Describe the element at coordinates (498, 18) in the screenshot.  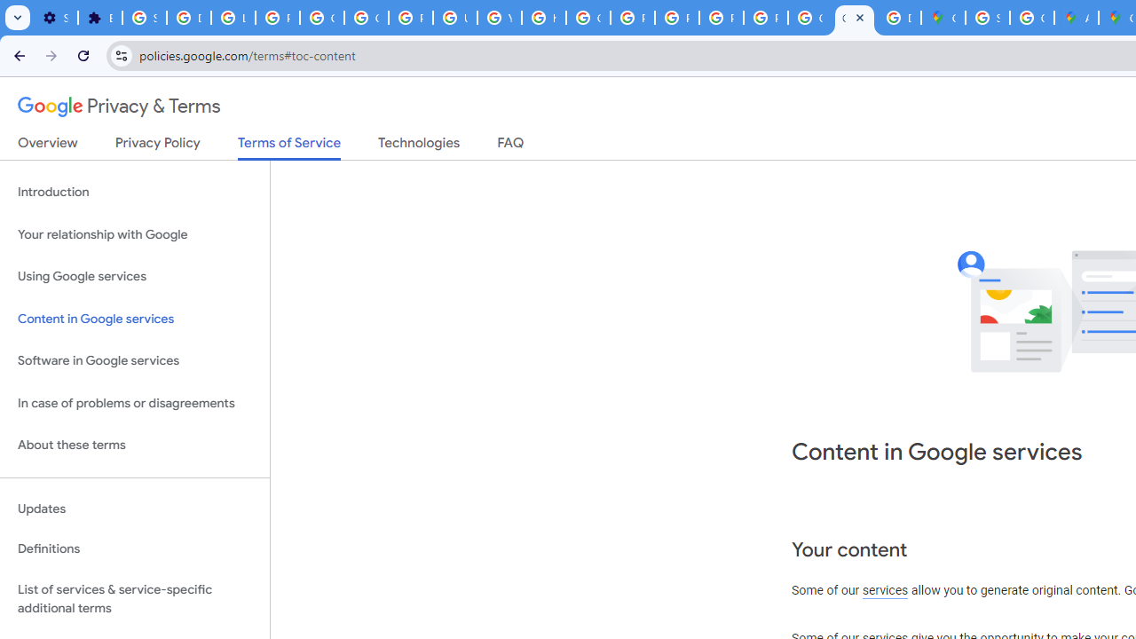
I see `'YouTube'` at that location.